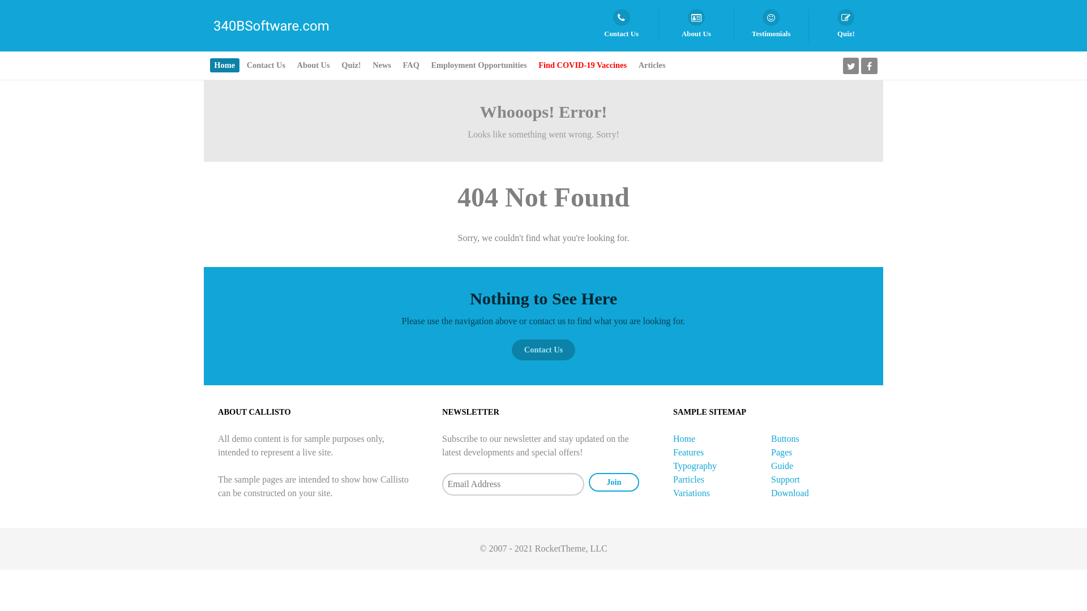 This screenshot has height=611, width=1087. I want to click on 'Download', so click(789, 492).